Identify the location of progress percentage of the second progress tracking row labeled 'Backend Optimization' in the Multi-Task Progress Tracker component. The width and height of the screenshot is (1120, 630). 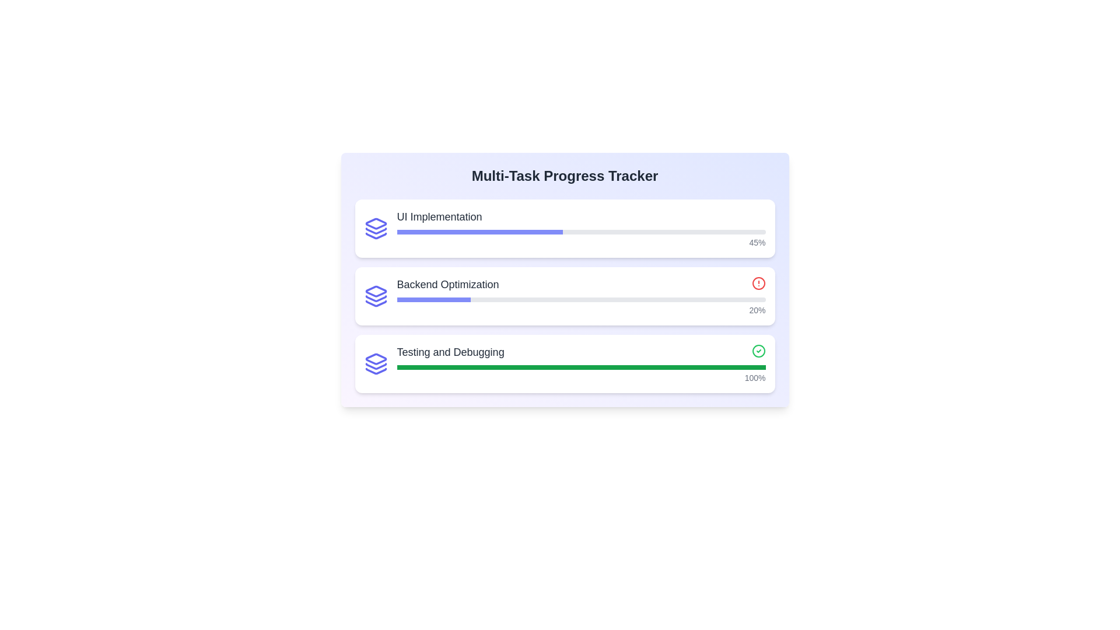
(565, 296).